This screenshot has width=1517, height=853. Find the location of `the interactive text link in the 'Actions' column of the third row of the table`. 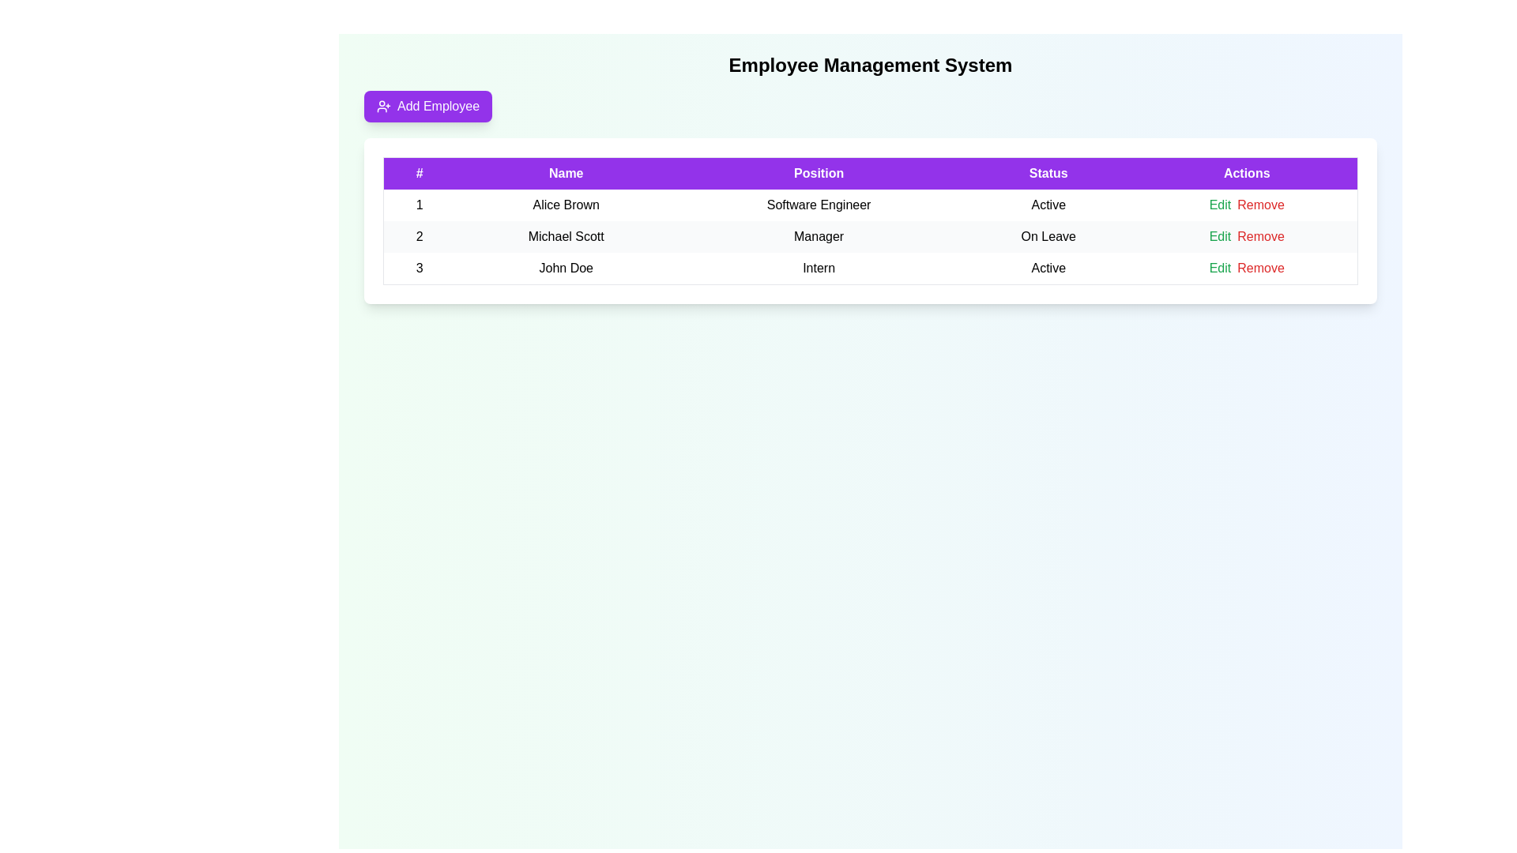

the interactive text link in the 'Actions' column of the third row of the table is located at coordinates (1219, 267).